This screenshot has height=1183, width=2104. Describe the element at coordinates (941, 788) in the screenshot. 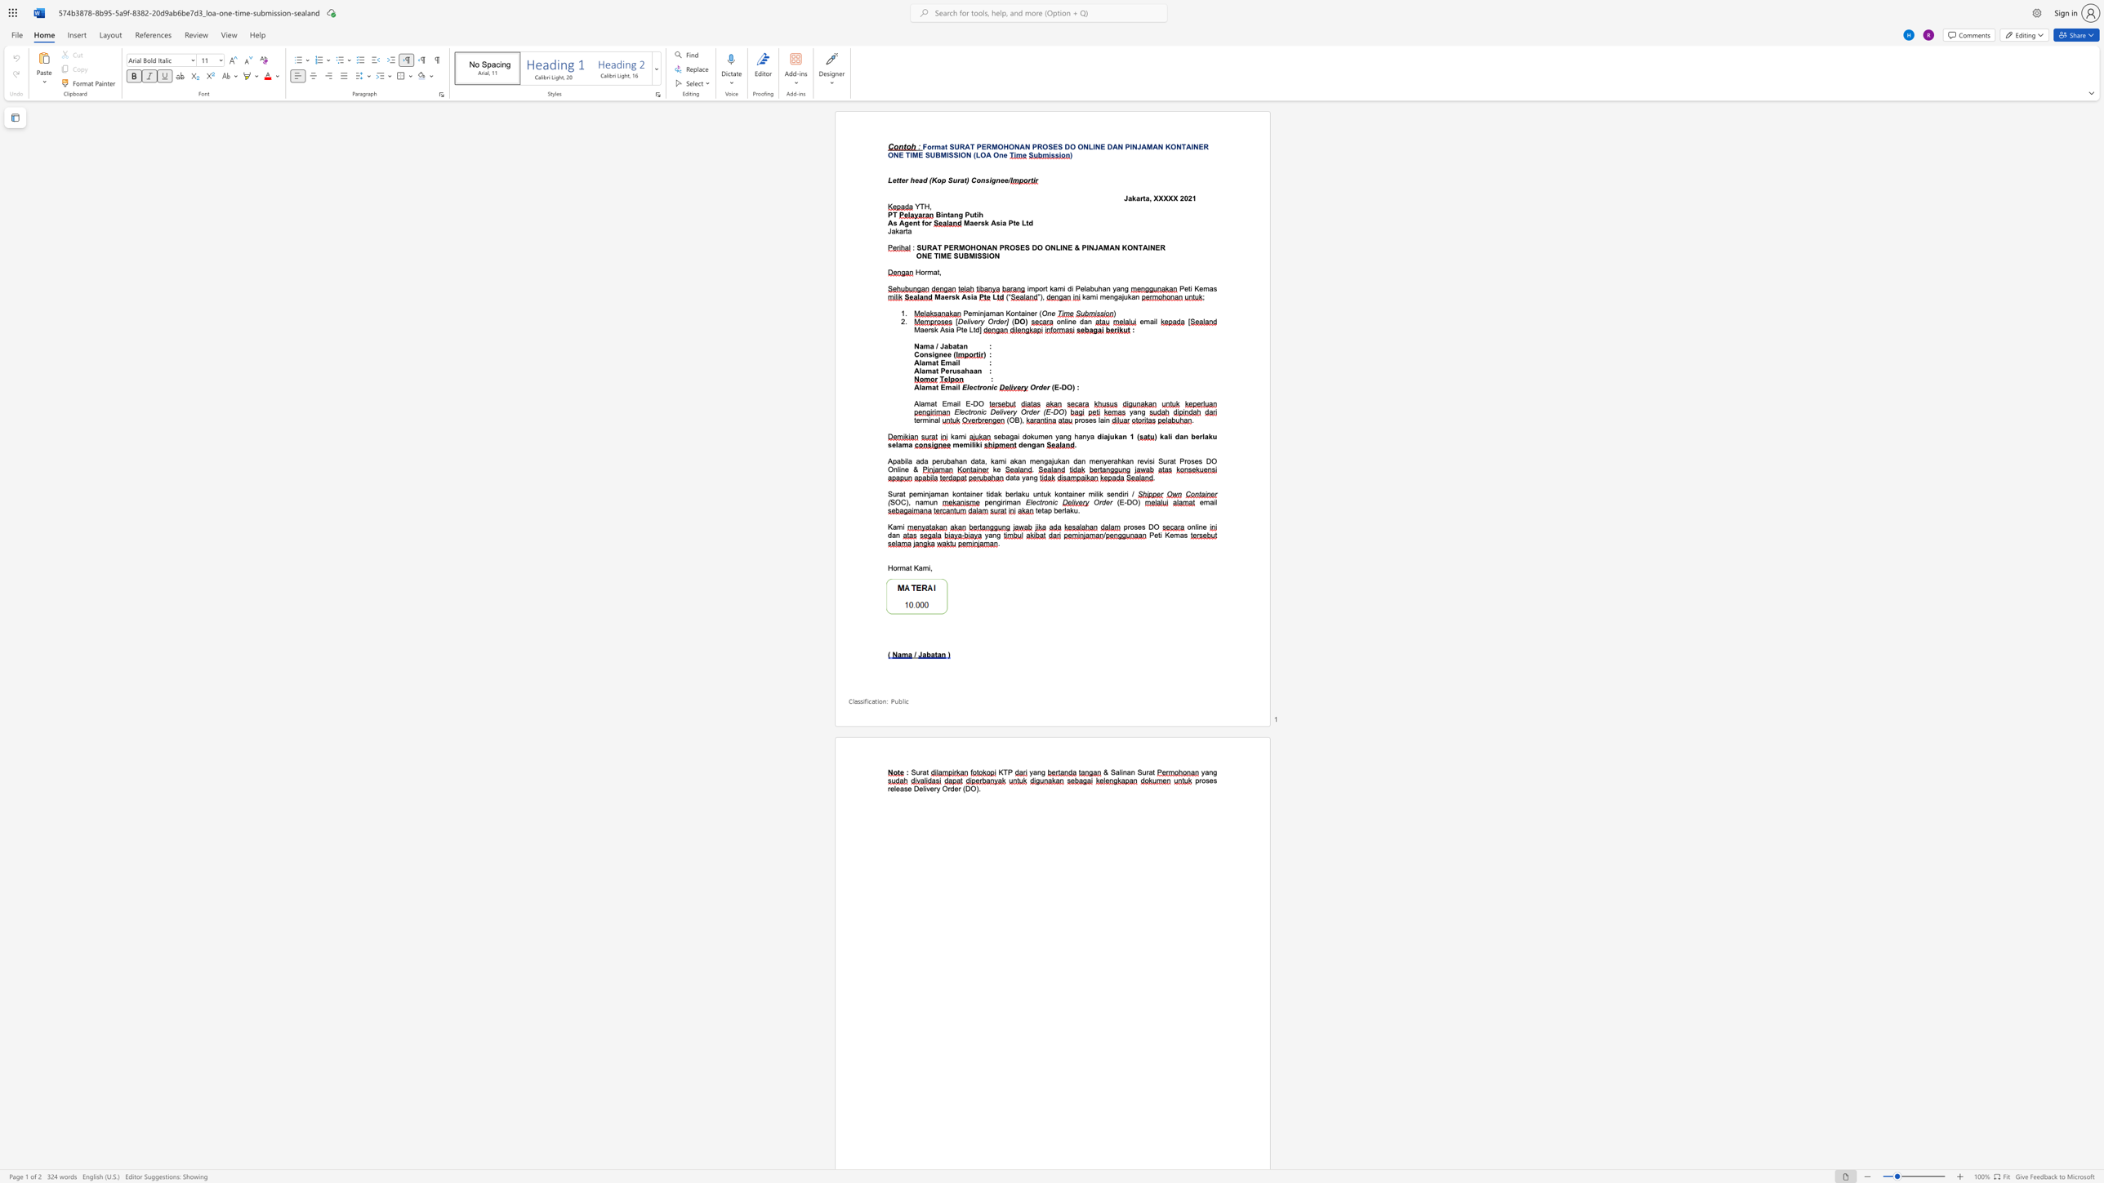

I see `the subset text "Order (DO" within the text "release Delivery Order (DO)"` at that location.